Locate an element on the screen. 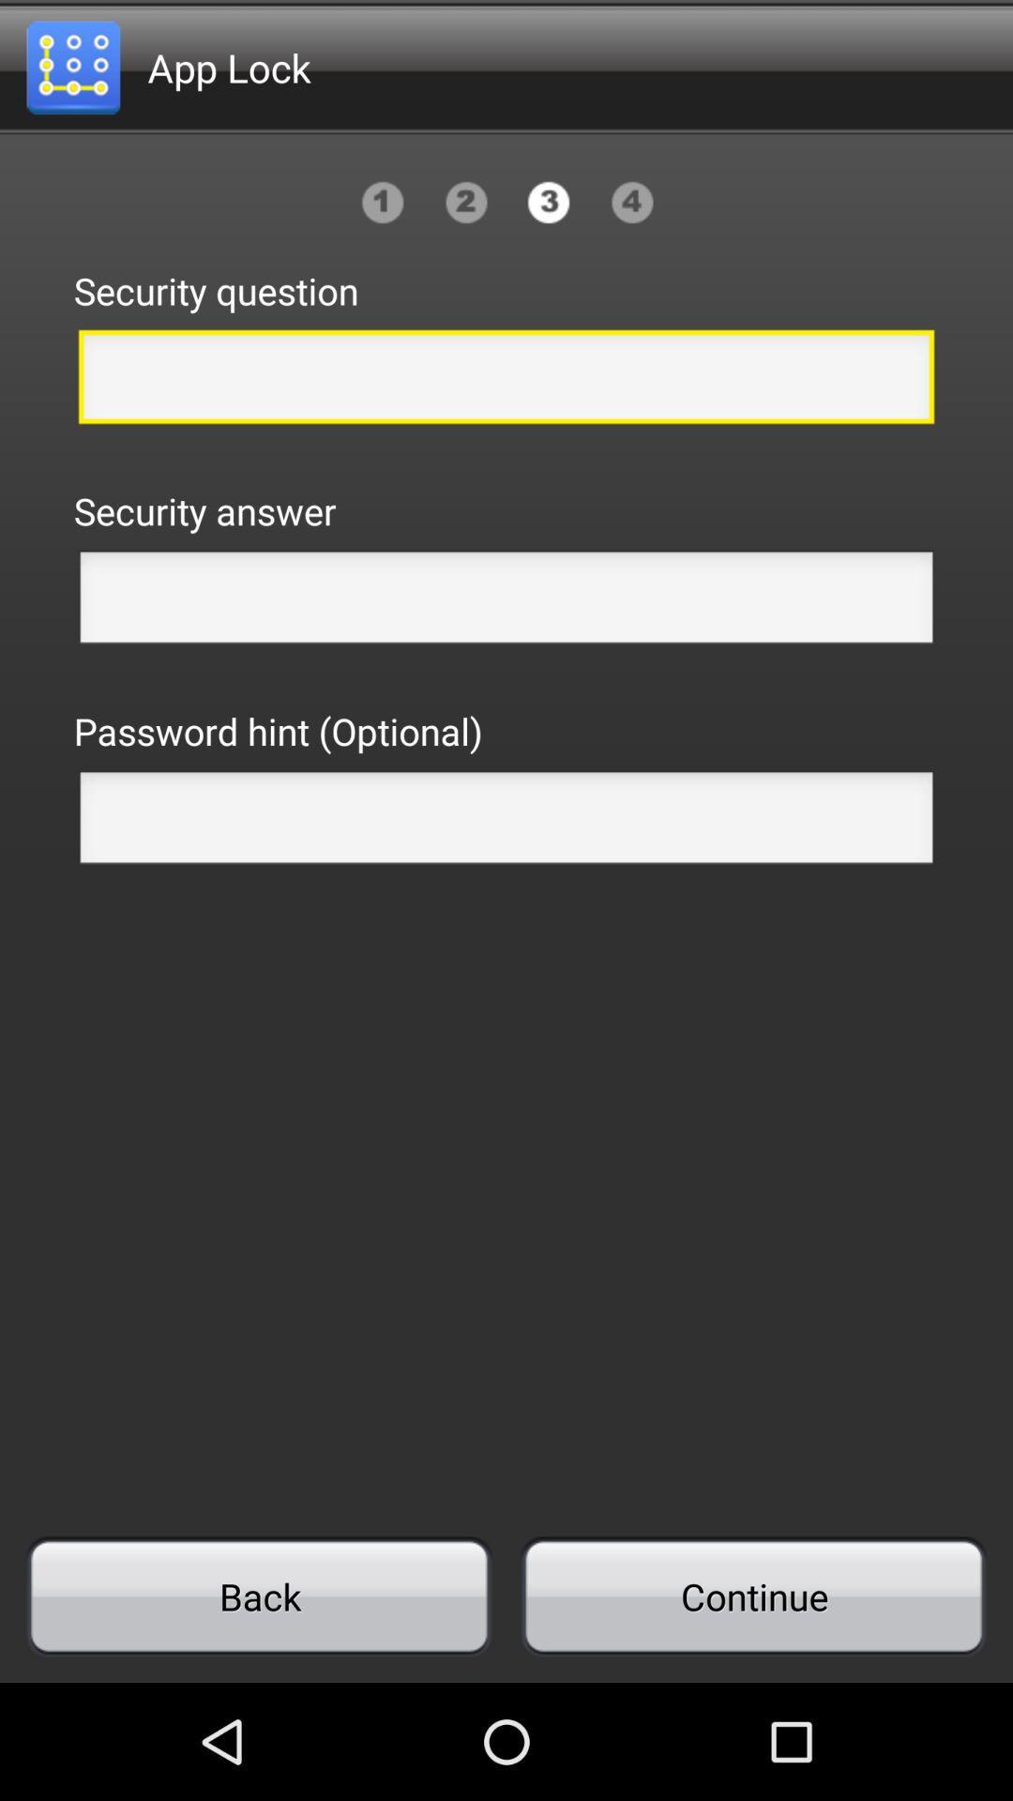  the back item is located at coordinates (259, 1596).